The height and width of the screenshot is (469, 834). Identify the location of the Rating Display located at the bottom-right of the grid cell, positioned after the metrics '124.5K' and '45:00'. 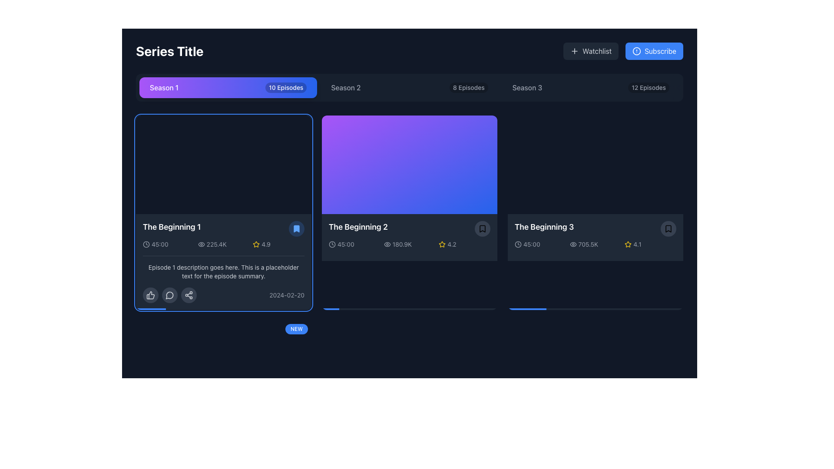
(278, 449).